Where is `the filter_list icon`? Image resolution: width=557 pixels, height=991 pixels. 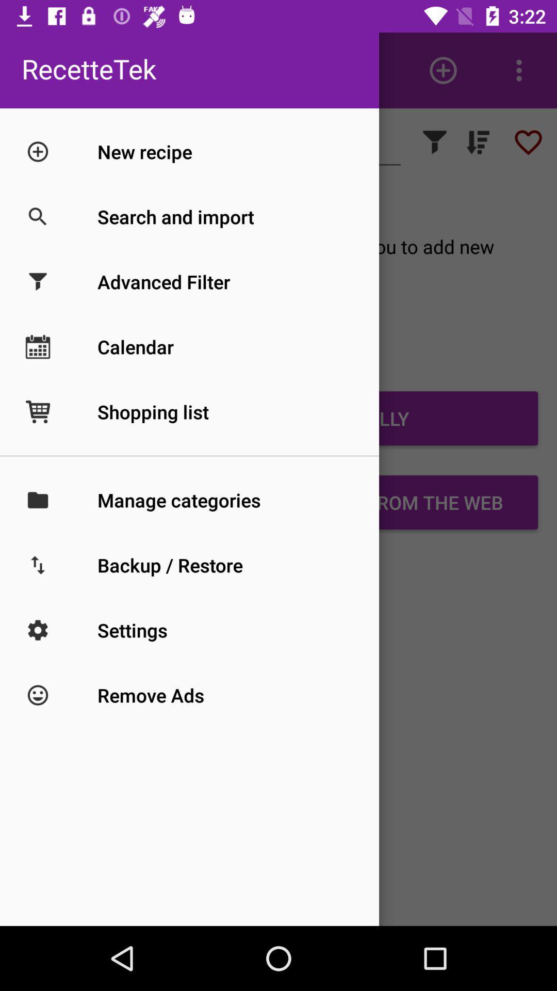 the filter_list icon is located at coordinates (478, 141).